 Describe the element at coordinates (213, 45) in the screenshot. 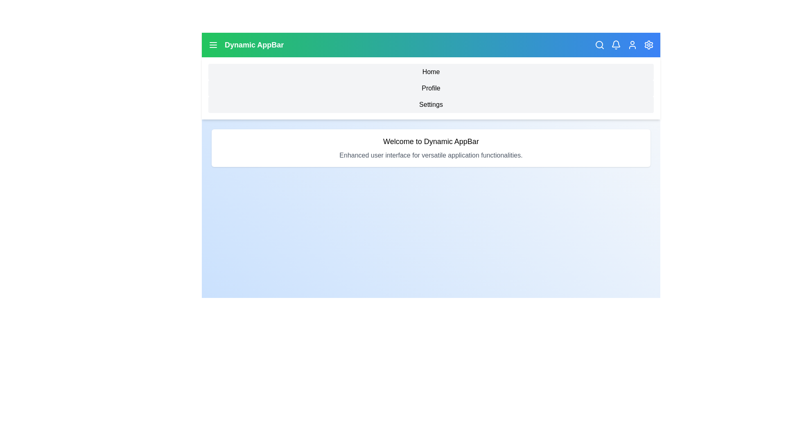

I see `the menu icon to toggle the sidebar menu visibility` at that location.